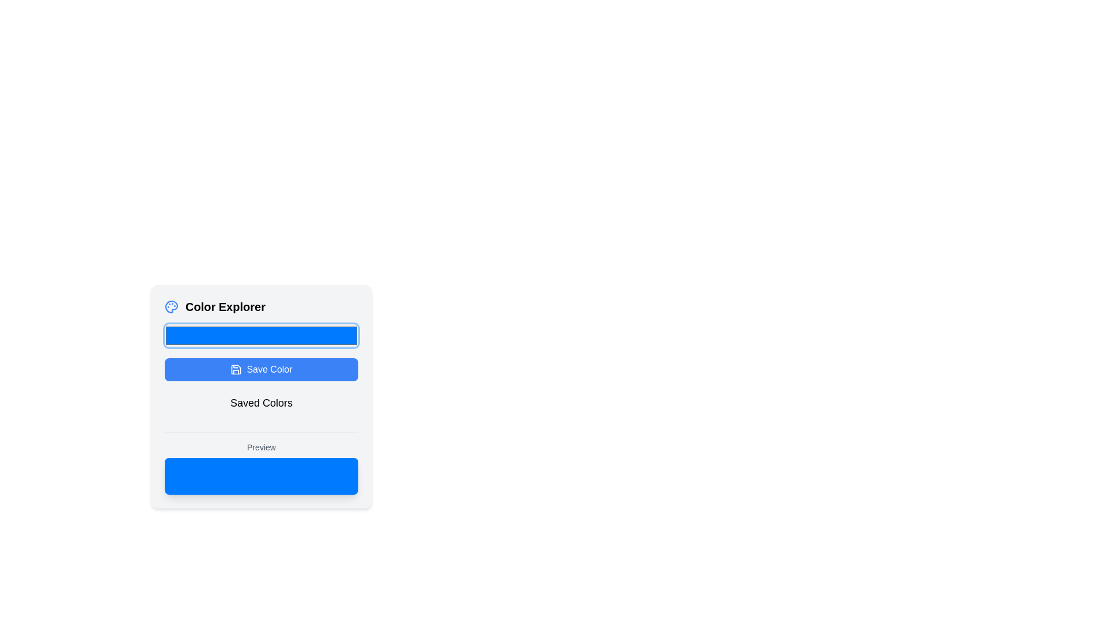 This screenshot has width=1106, height=622. Describe the element at coordinates (225, 306) in the screenshot. I see `the text label that serves as a heading or title for the interface section, which is centrally aligned above the input field` at that location.